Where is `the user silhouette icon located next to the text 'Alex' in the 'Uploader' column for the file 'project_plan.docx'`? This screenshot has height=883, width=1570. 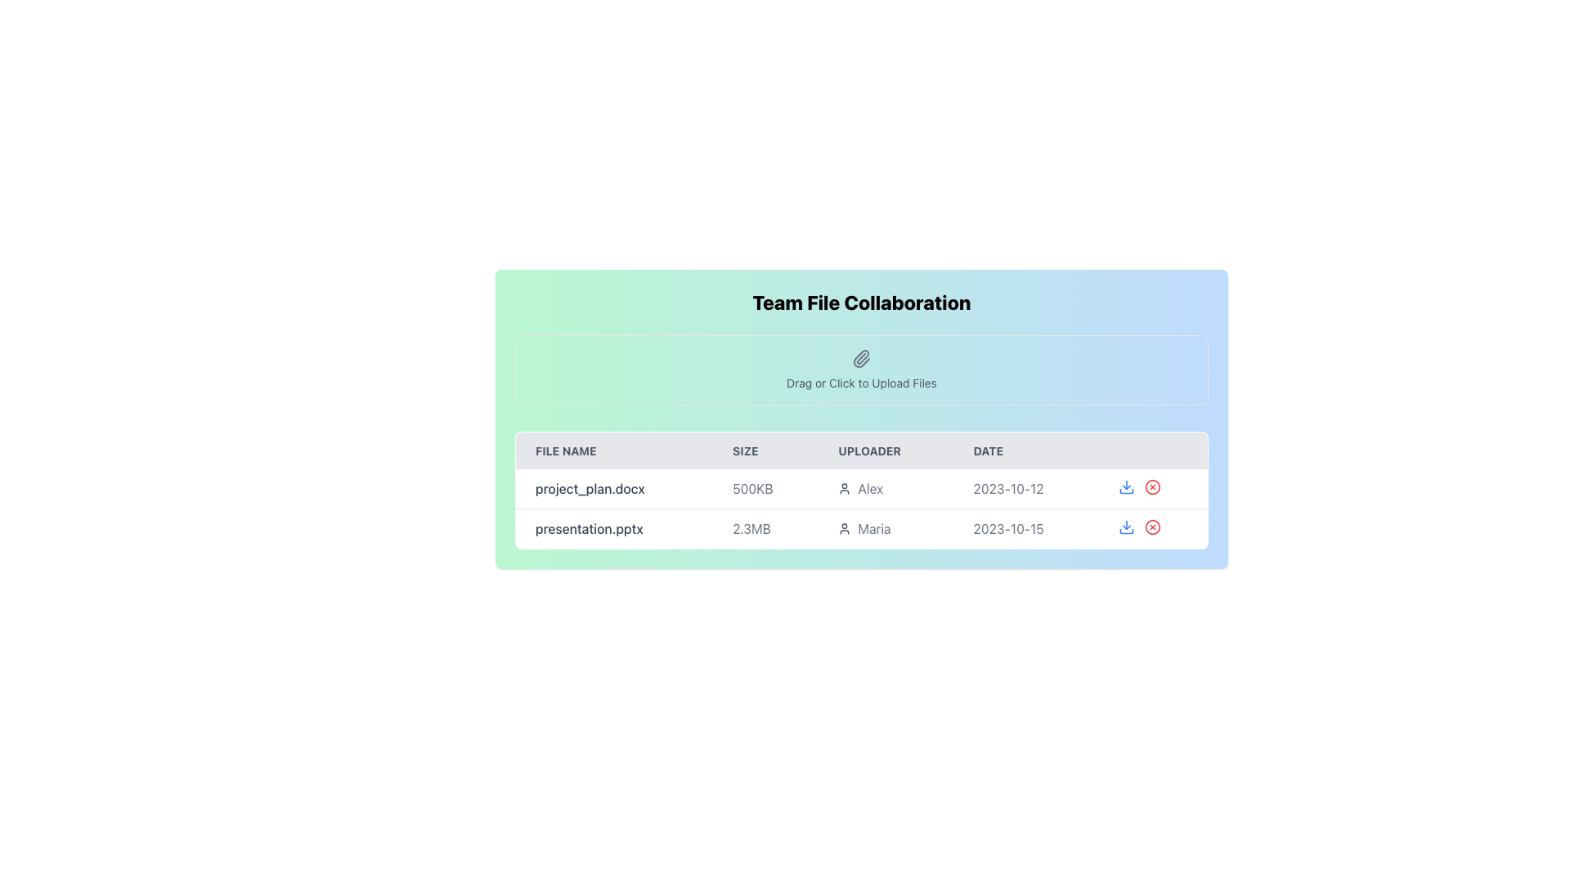
the user silhouette icon located next to the text 'Alex' in the 'Uploader' column for the file 'project_plan.docx' is located at coordinates (845, 487).